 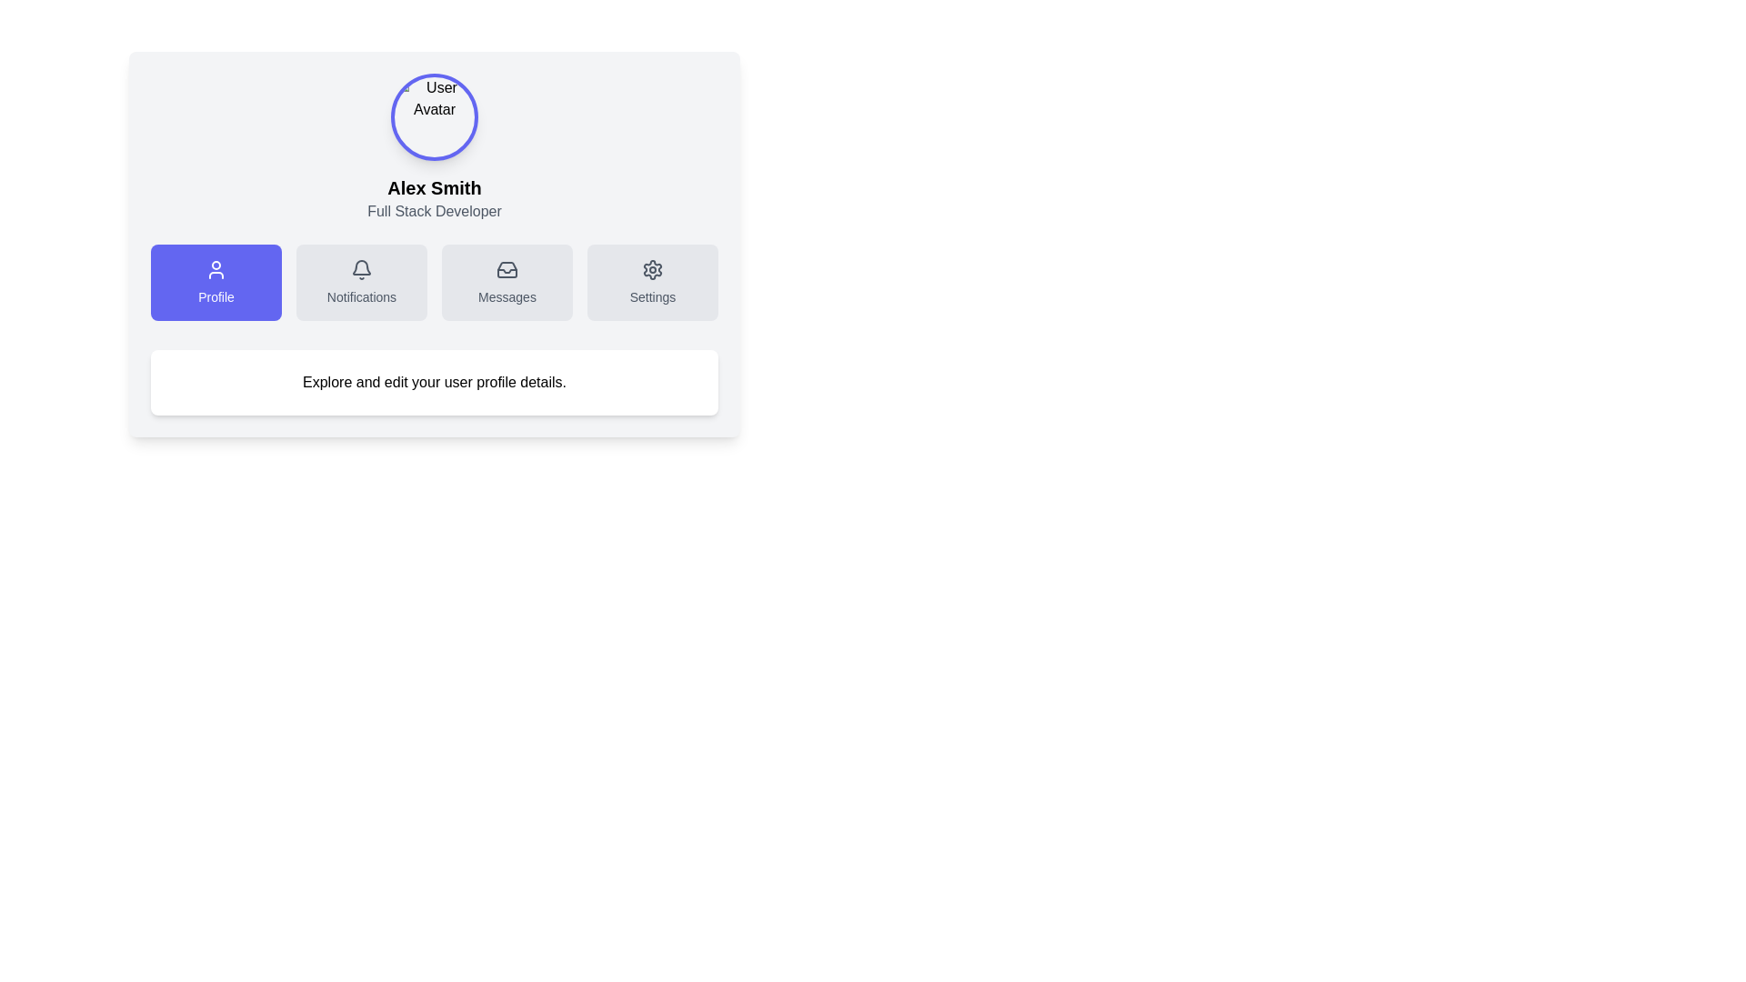 What do you see at coordinates (653, 296) in the screenshot?
I see `text label indicating the purpose of the associated button, which is likely related to settings or configuration options, located below the gear icon in the fourth position of a horizontal row of buttons` at bounding box center [653, 296].